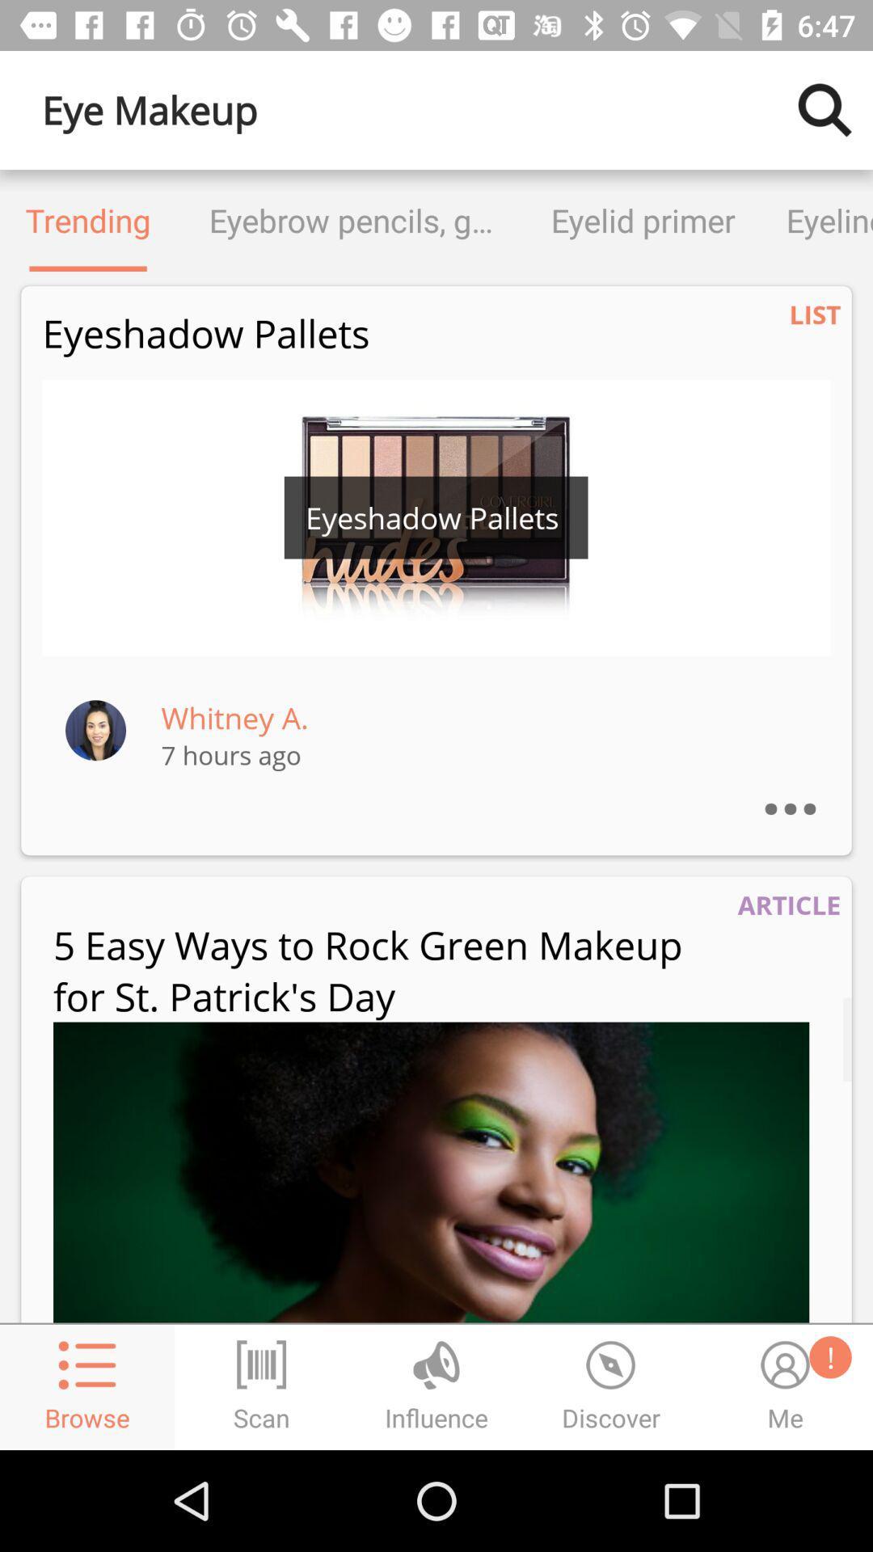 The height and width of the screenshot is (1552, 873). I want to click on search, so click(824, 109).